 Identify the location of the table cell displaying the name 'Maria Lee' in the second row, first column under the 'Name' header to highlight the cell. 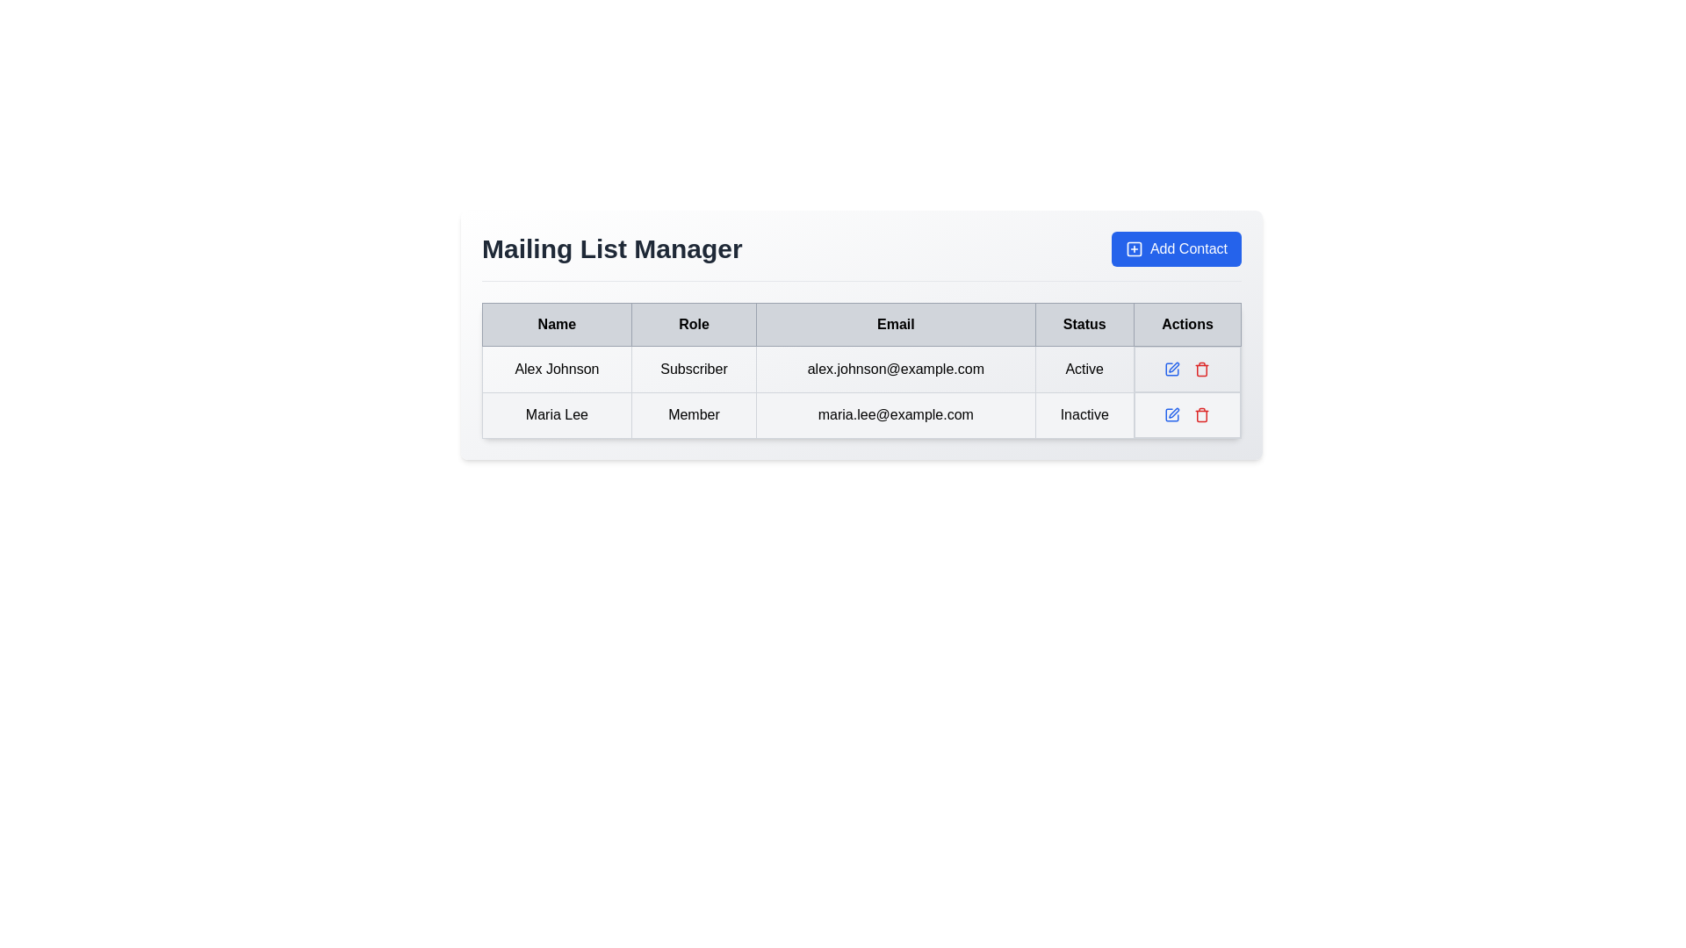
(556, 415).